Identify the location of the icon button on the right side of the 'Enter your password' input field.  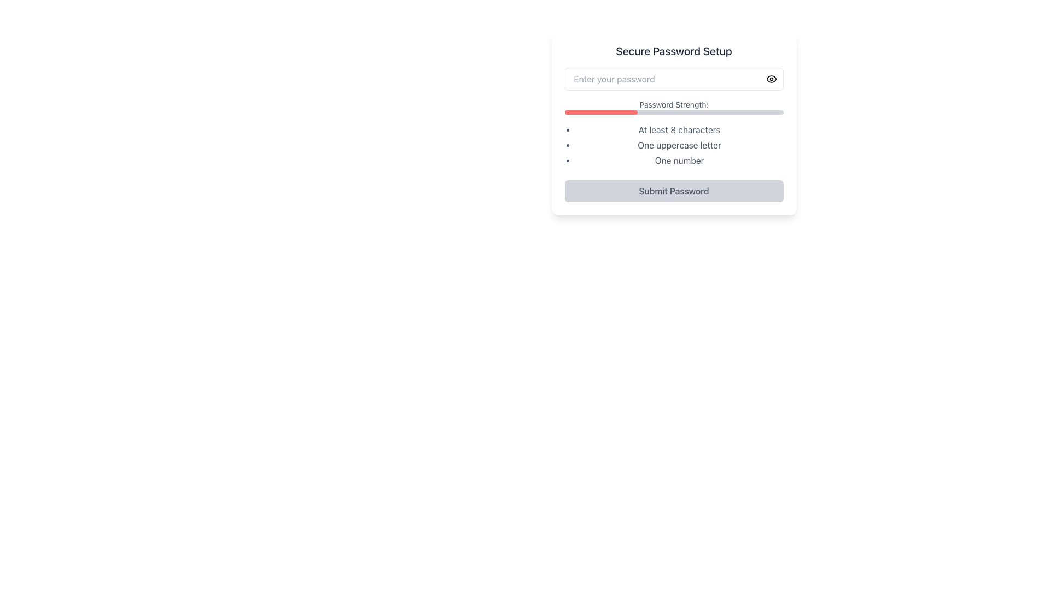
(771, 79).